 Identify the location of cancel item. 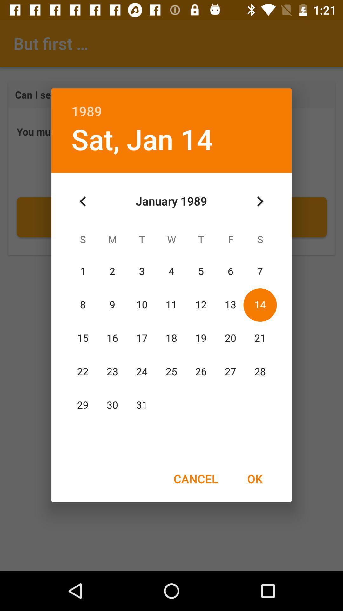
(195, 479).